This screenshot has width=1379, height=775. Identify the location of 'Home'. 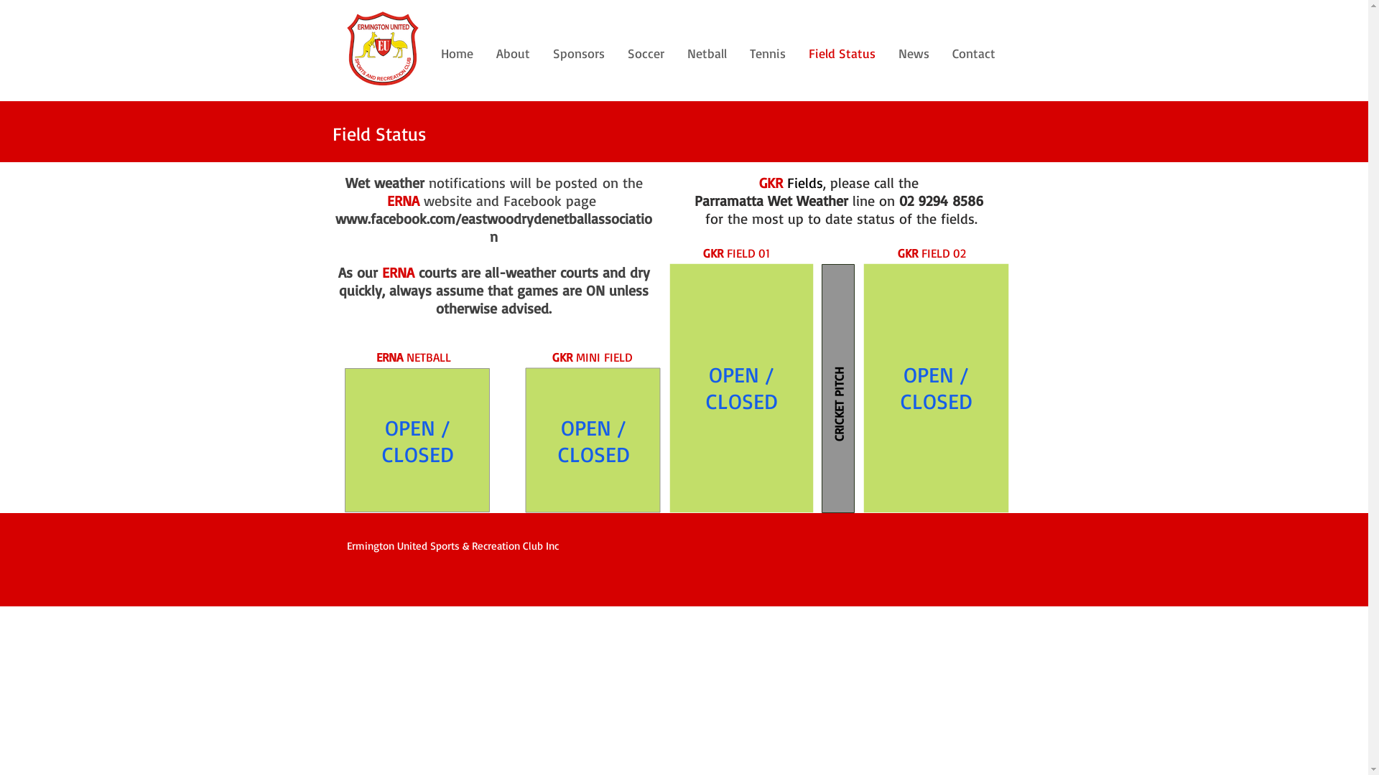
(456, 52).